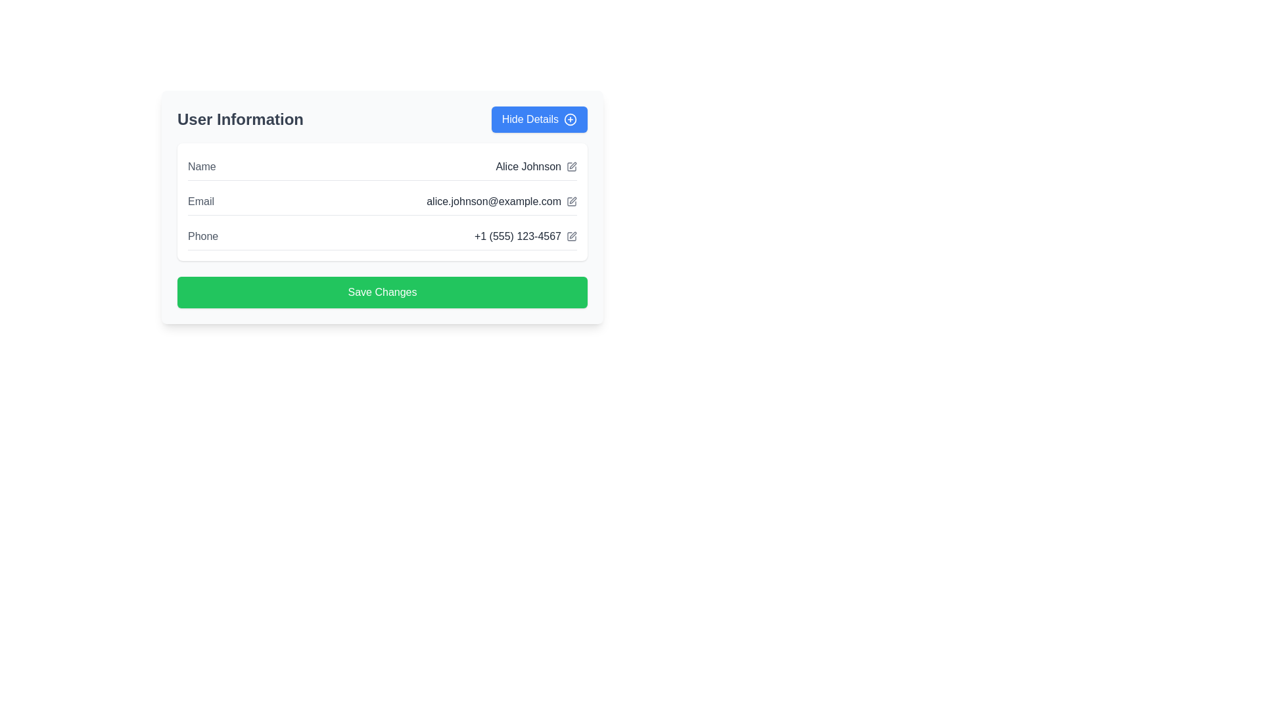 Image resolution: width=1262 pixels, height=710 pixels. Describe the element at coordinates (525, 235) in the screenshot. I see `the phone number text label located in the lower section of the user information panel, to the right of the 'Phone' label, and just above the green 'Save Changes' button` at that location.